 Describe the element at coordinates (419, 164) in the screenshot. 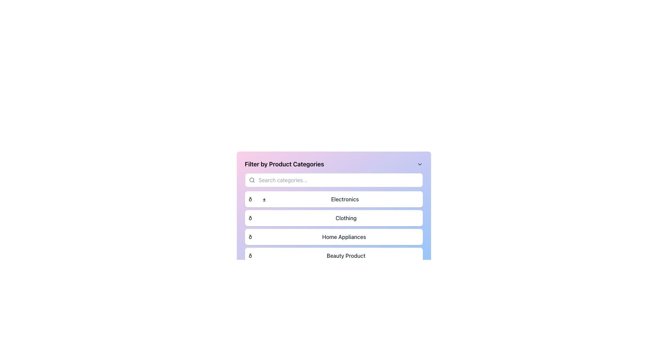

I see `the downward-pointing chevron icon located at the right side of the header labeled 'Filter by Product Categories'` at that location.